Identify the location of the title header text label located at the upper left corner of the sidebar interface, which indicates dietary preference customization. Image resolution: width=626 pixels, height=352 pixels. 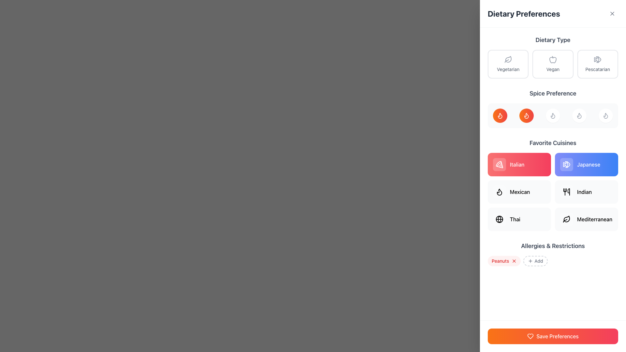
(524, 14).